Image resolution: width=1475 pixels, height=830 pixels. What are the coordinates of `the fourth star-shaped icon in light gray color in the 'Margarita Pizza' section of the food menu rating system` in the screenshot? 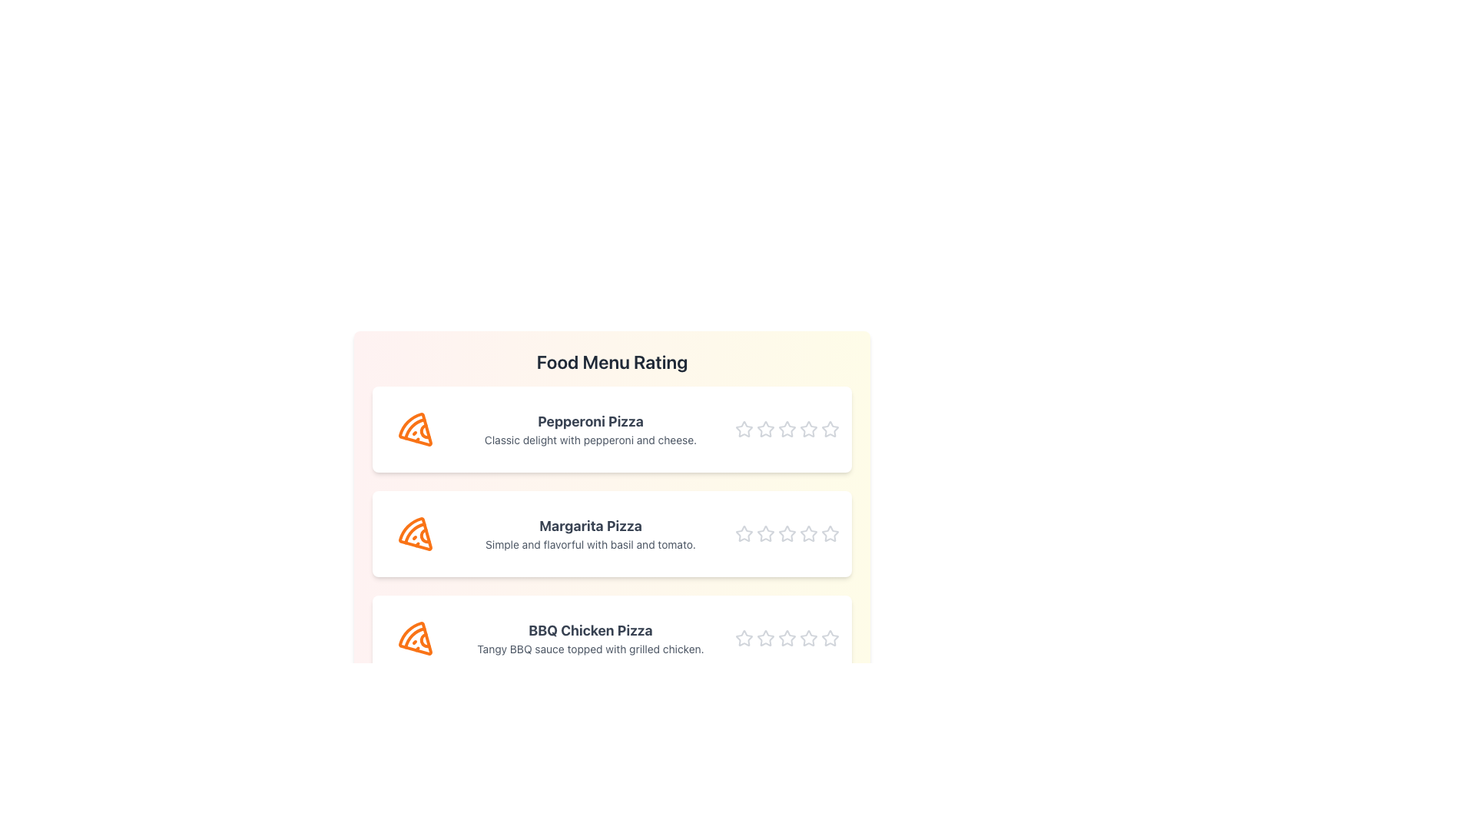 It's located at (807, 533).